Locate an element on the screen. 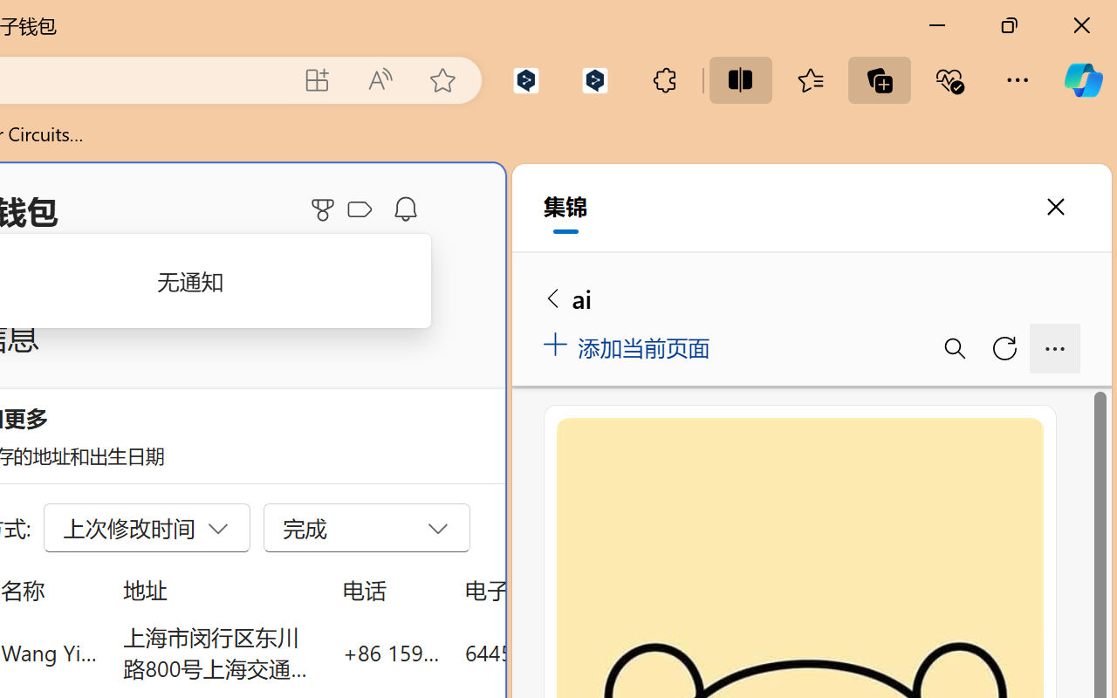 Image resolution: width=1117 pixels, height=698 pixels. 'Copilot (Ctrl+Shift+.)' is located at coordinates (1082, 79).